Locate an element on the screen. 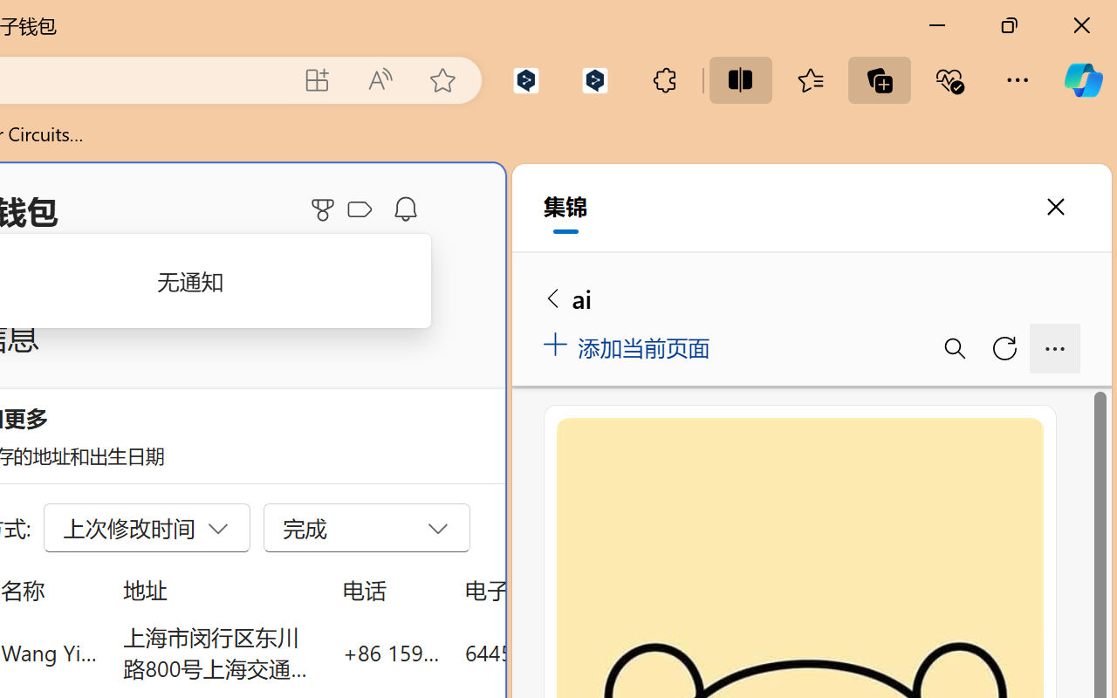 Image resolution: width=1117 pixels, height=698 pixels. 'Copilot (Ctrl+Shift+.)' is located at coordinates (1082, 79).